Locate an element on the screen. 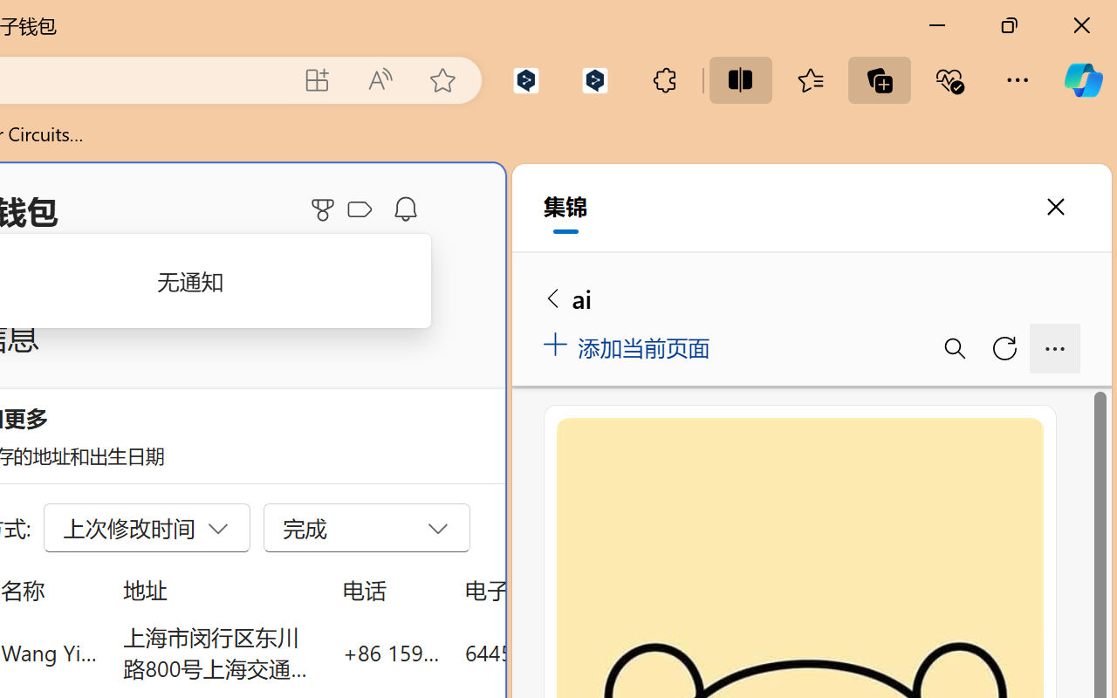 Image resolution: width=1117 pixels, height=698 pixels. 'Copilot (Ctrl+Shift+.)' is located at coordinates (1082, 79).